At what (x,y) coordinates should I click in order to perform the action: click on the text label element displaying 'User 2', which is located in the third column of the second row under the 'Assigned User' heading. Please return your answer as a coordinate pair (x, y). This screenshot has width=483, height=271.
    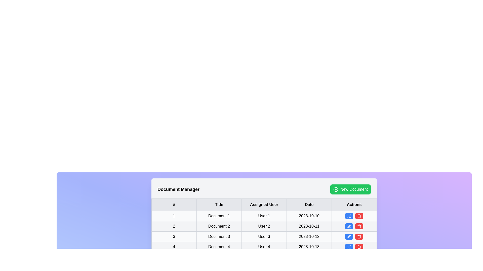
    Looking at the image, I should click on (264, 226).